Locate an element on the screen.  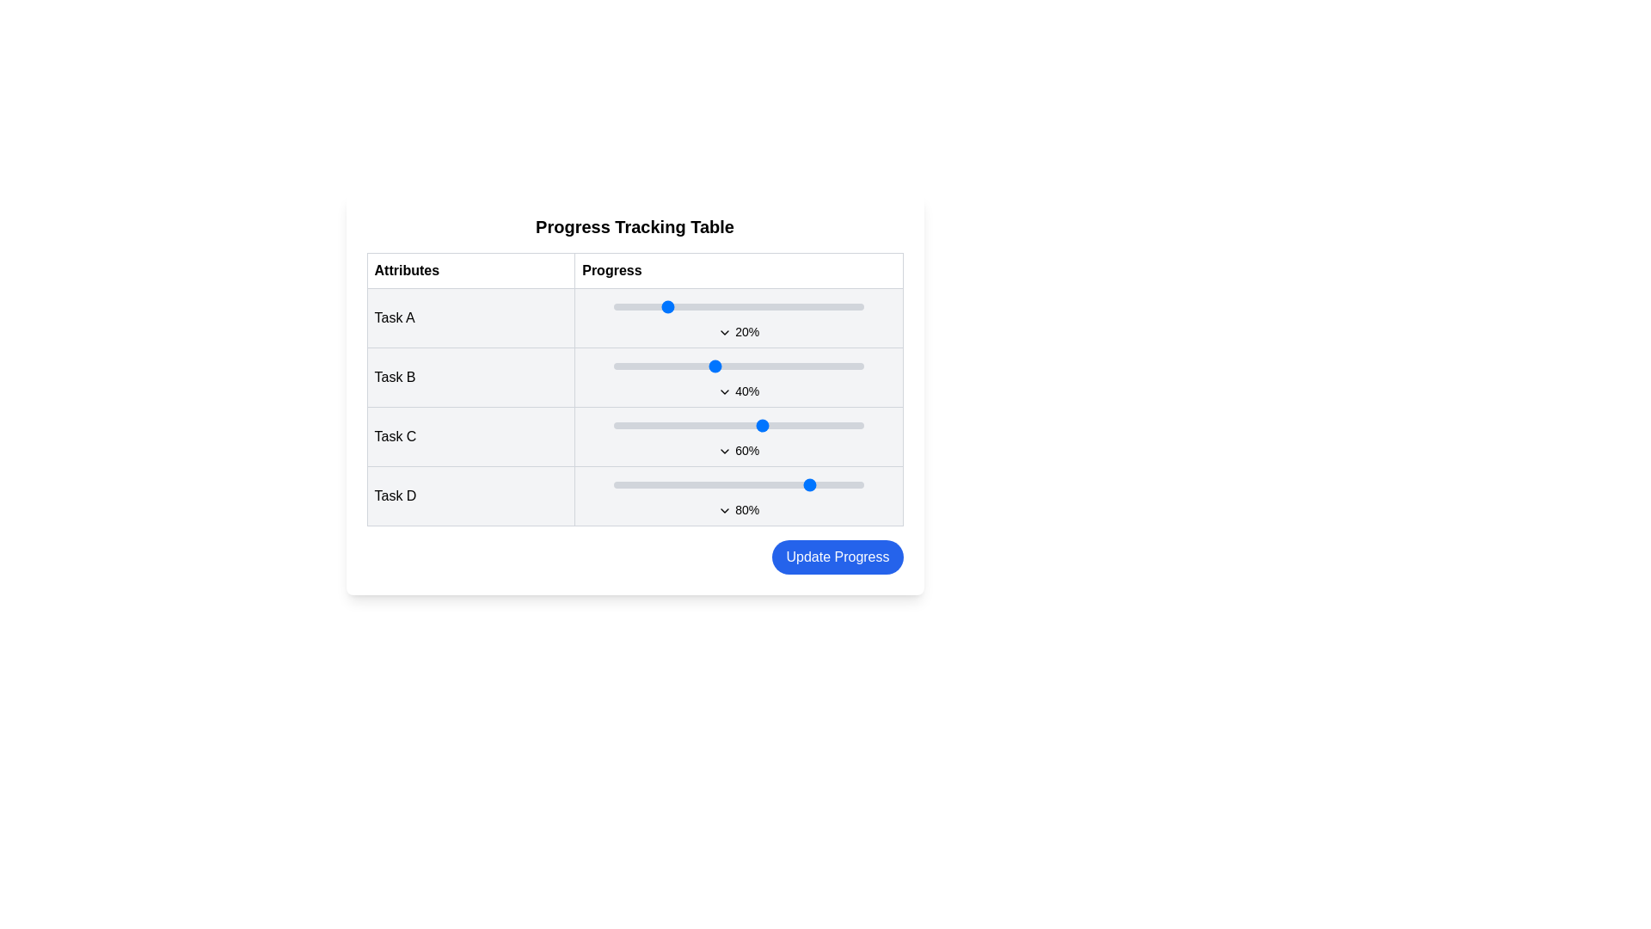
the progress of Task C is located at coordinates (841, 425).